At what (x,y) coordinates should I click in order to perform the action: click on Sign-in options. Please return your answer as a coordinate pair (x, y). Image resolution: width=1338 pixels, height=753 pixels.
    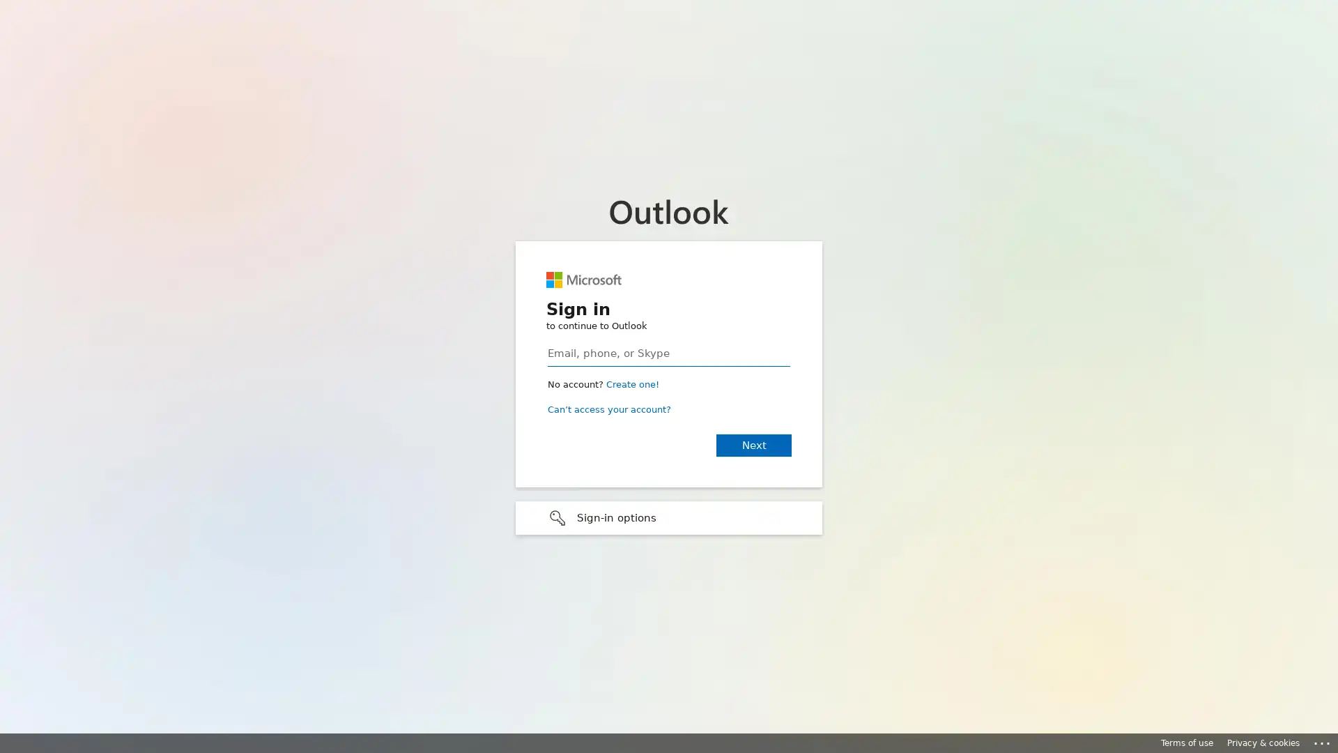
    Looking at the image, I should click on (669, 517).